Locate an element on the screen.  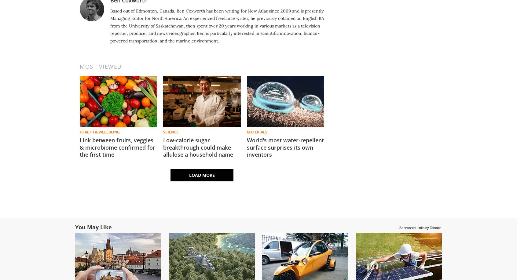
'Materials' is located at coordinates (247, 132).